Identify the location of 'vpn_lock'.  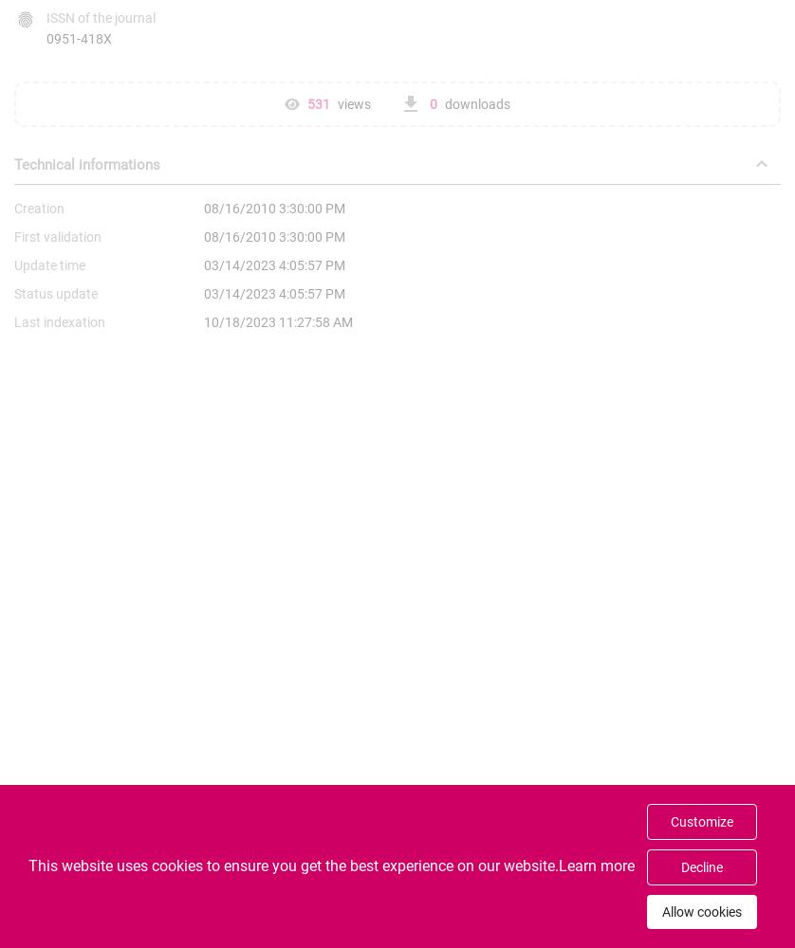
(57, 929).